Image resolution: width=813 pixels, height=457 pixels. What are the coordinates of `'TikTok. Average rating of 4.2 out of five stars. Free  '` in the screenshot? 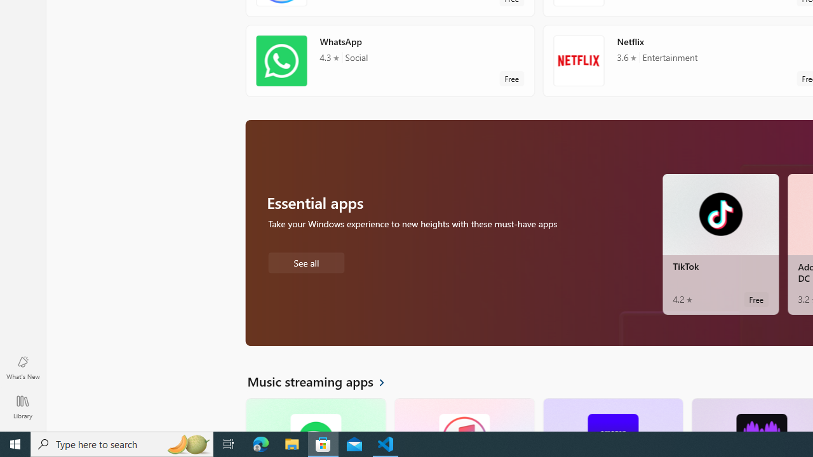 It's located at (720, 244).